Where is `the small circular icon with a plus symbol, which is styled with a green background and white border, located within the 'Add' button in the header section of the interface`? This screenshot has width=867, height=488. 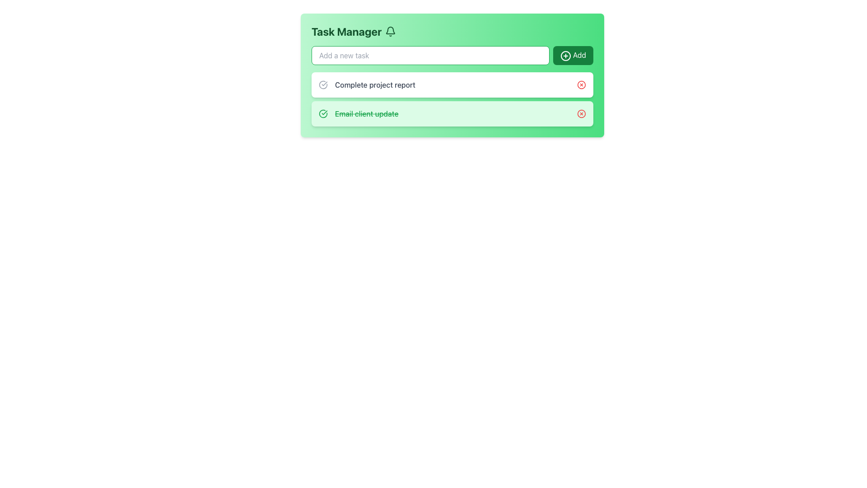 the small circular icon with a plus symbol, which is styled with a green background and white border, located within the 'Add' button in the header section of the interface is located at coordinates (565, 56).